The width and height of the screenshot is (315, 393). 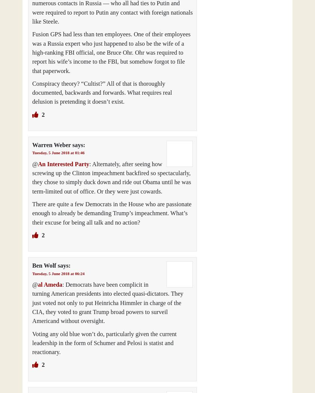 What do you see at coordinates (44, 266) in the screenshot?
I see `'Ben Wolf'` at bounding box center [44, 266].